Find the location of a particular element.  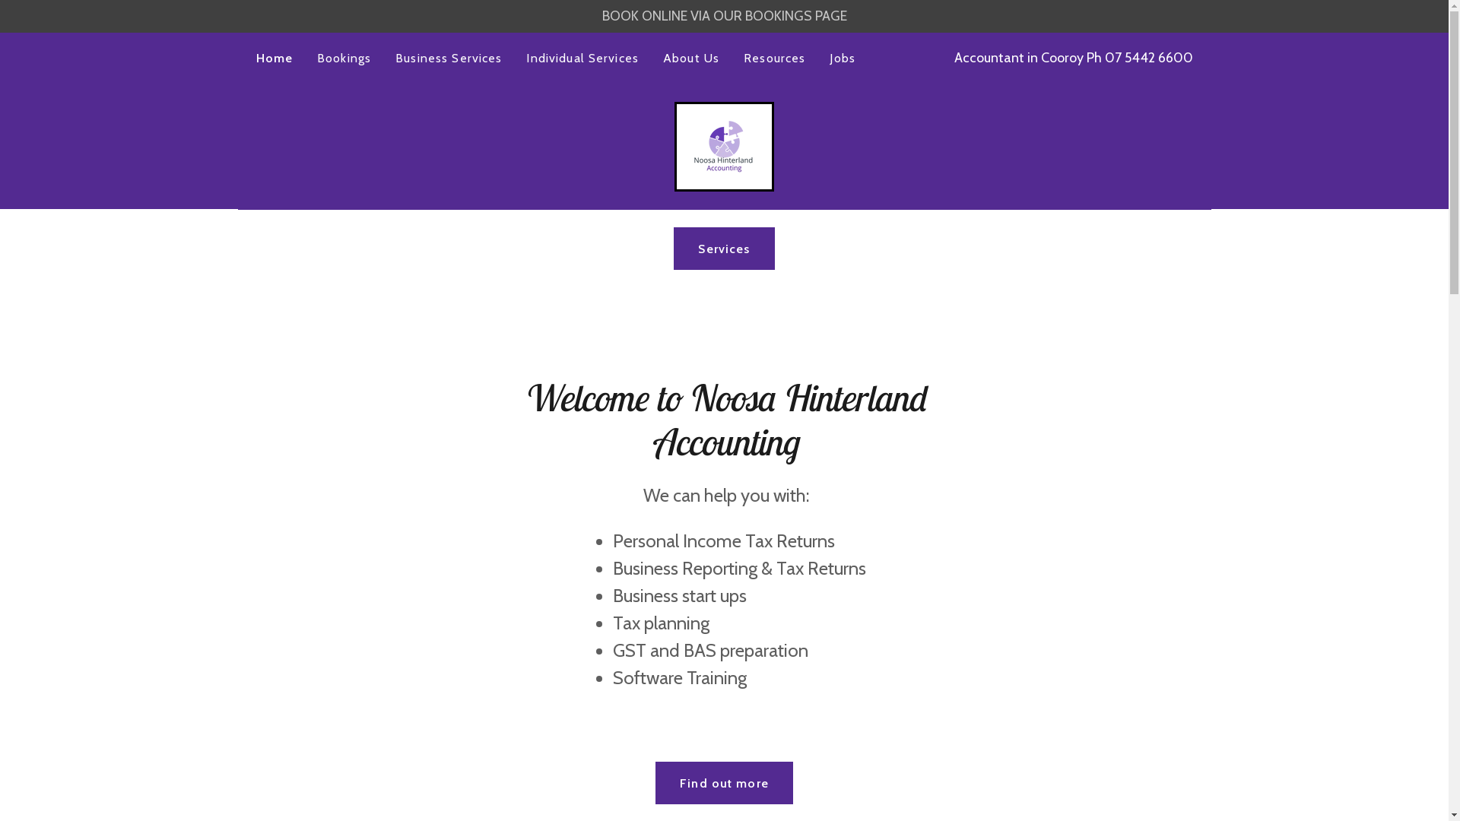

'07 5442 6600' is located at coordinates (1148, 57).